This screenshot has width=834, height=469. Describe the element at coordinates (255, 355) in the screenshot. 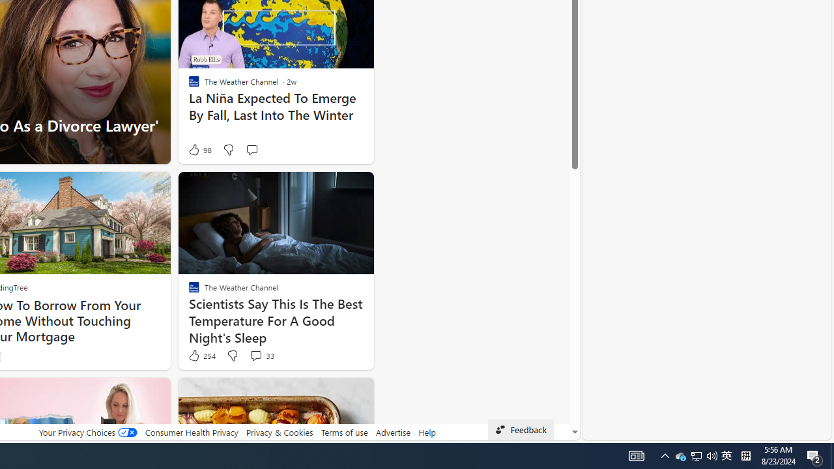

I see `'View comments 33 Comment'` at that location.